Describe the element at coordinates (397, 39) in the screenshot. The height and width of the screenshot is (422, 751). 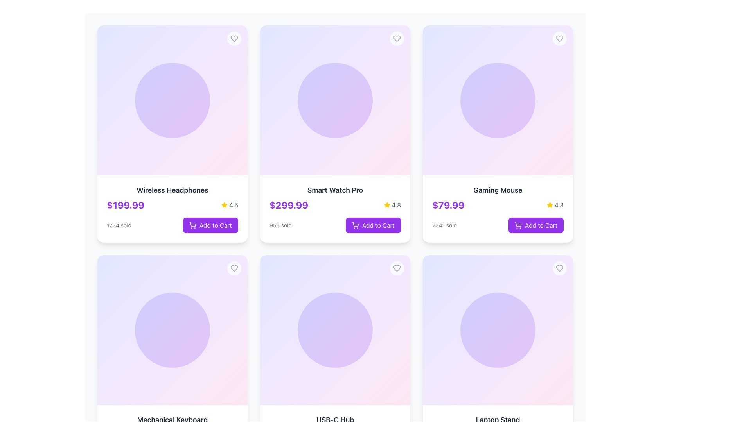
I see `the heart-shaped icon inside the circular button in the upper-right corner of the 'Smart Watch Pro' product card to mark the item as favorite` at that location.